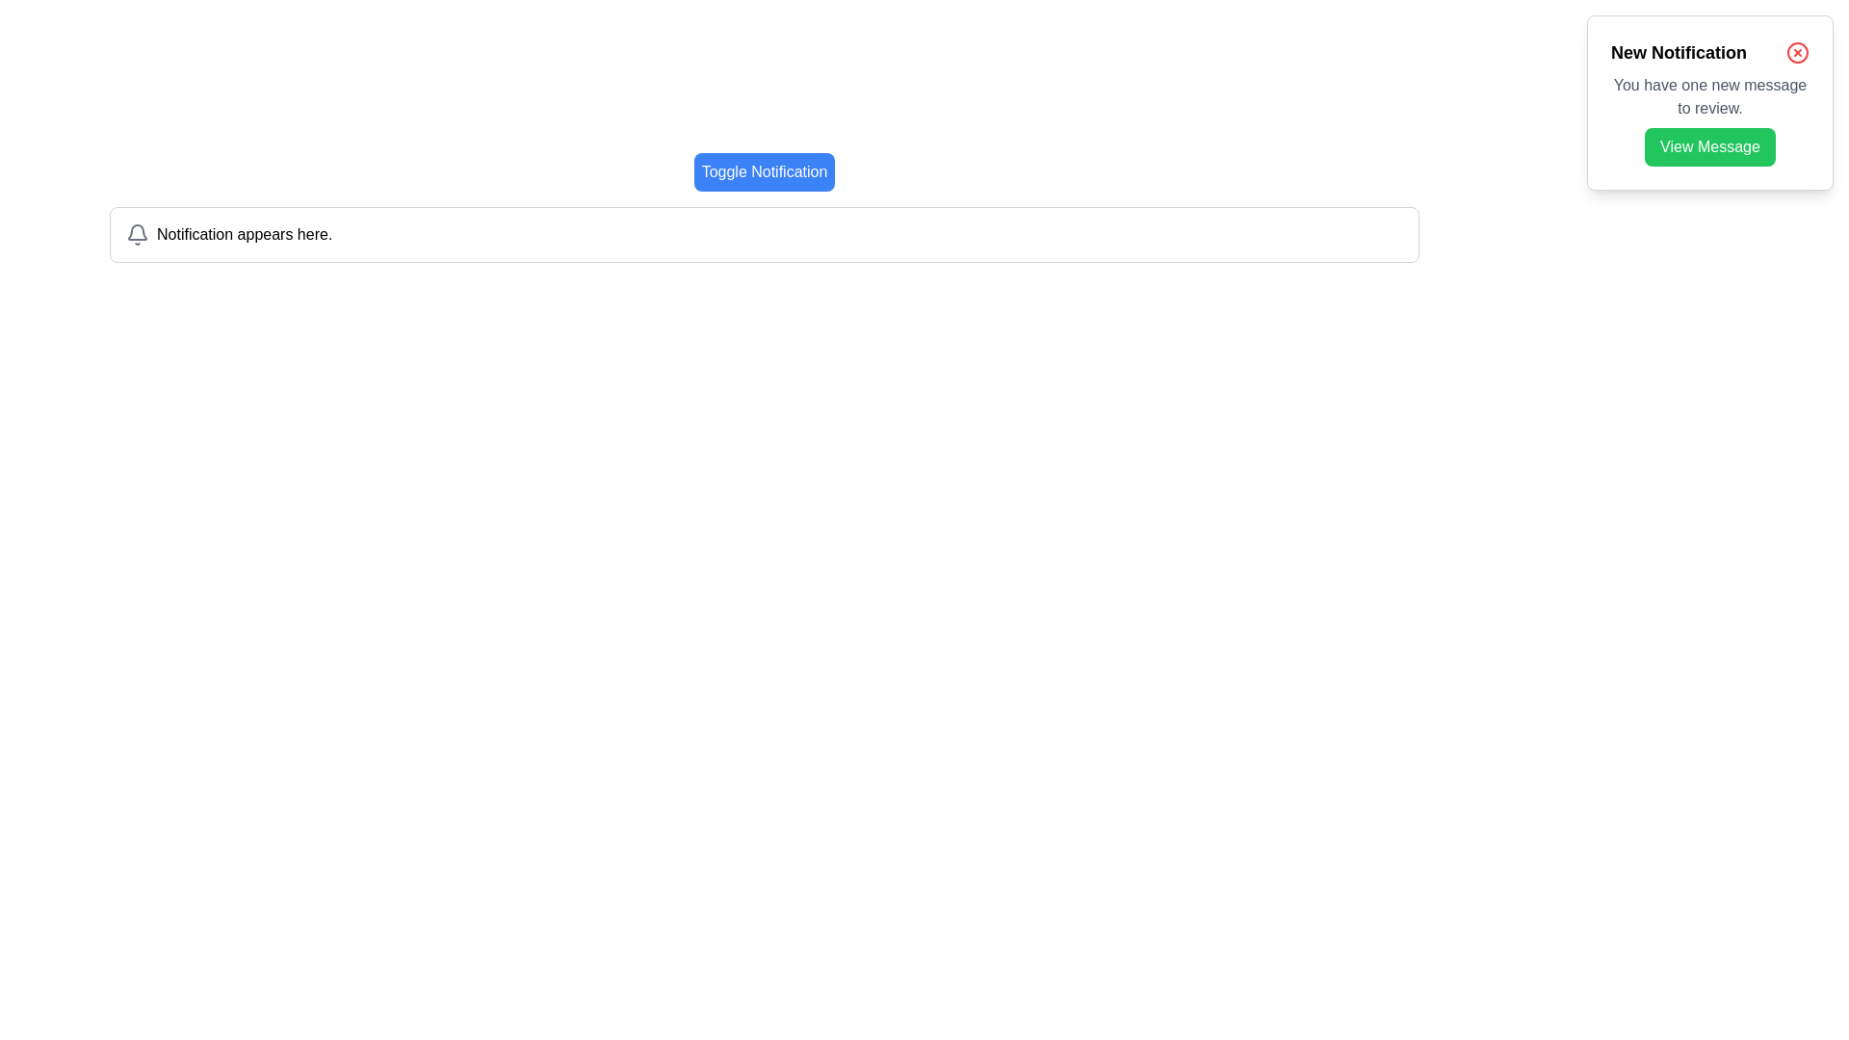 The image size is (1849, 1040). What do you see at coordinates (1710, 51) in the screenshot?
I see `the 'New Notification' text label which is styled in bold and large font, located at the top right of the notification card` at bounding box center [1710, 51].